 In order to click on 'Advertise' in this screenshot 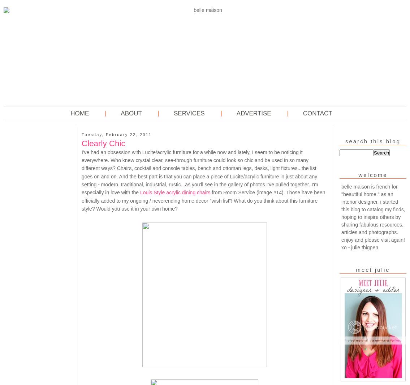, I will do `click(253, 113)`.